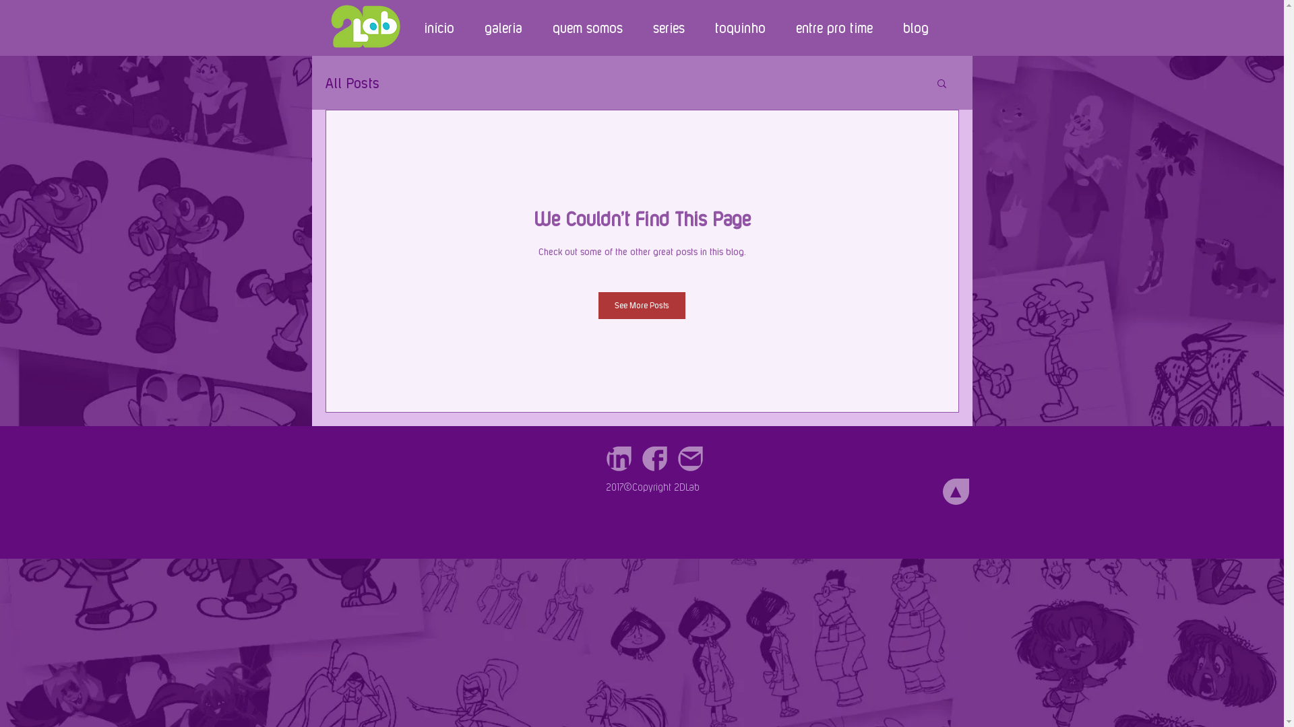 This screenshot has width=1294, height=727. I want to click on 'blog', so click(915, 28).